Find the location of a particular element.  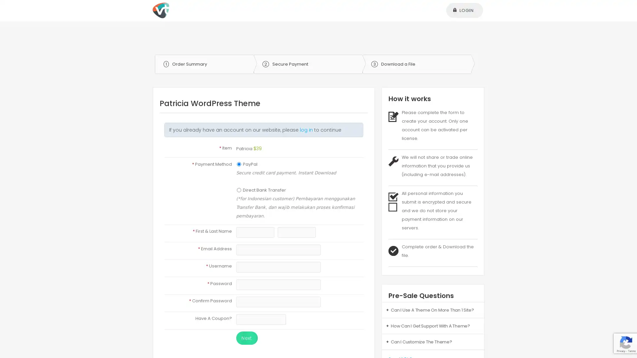

Next is located at coordinates (246, 338).